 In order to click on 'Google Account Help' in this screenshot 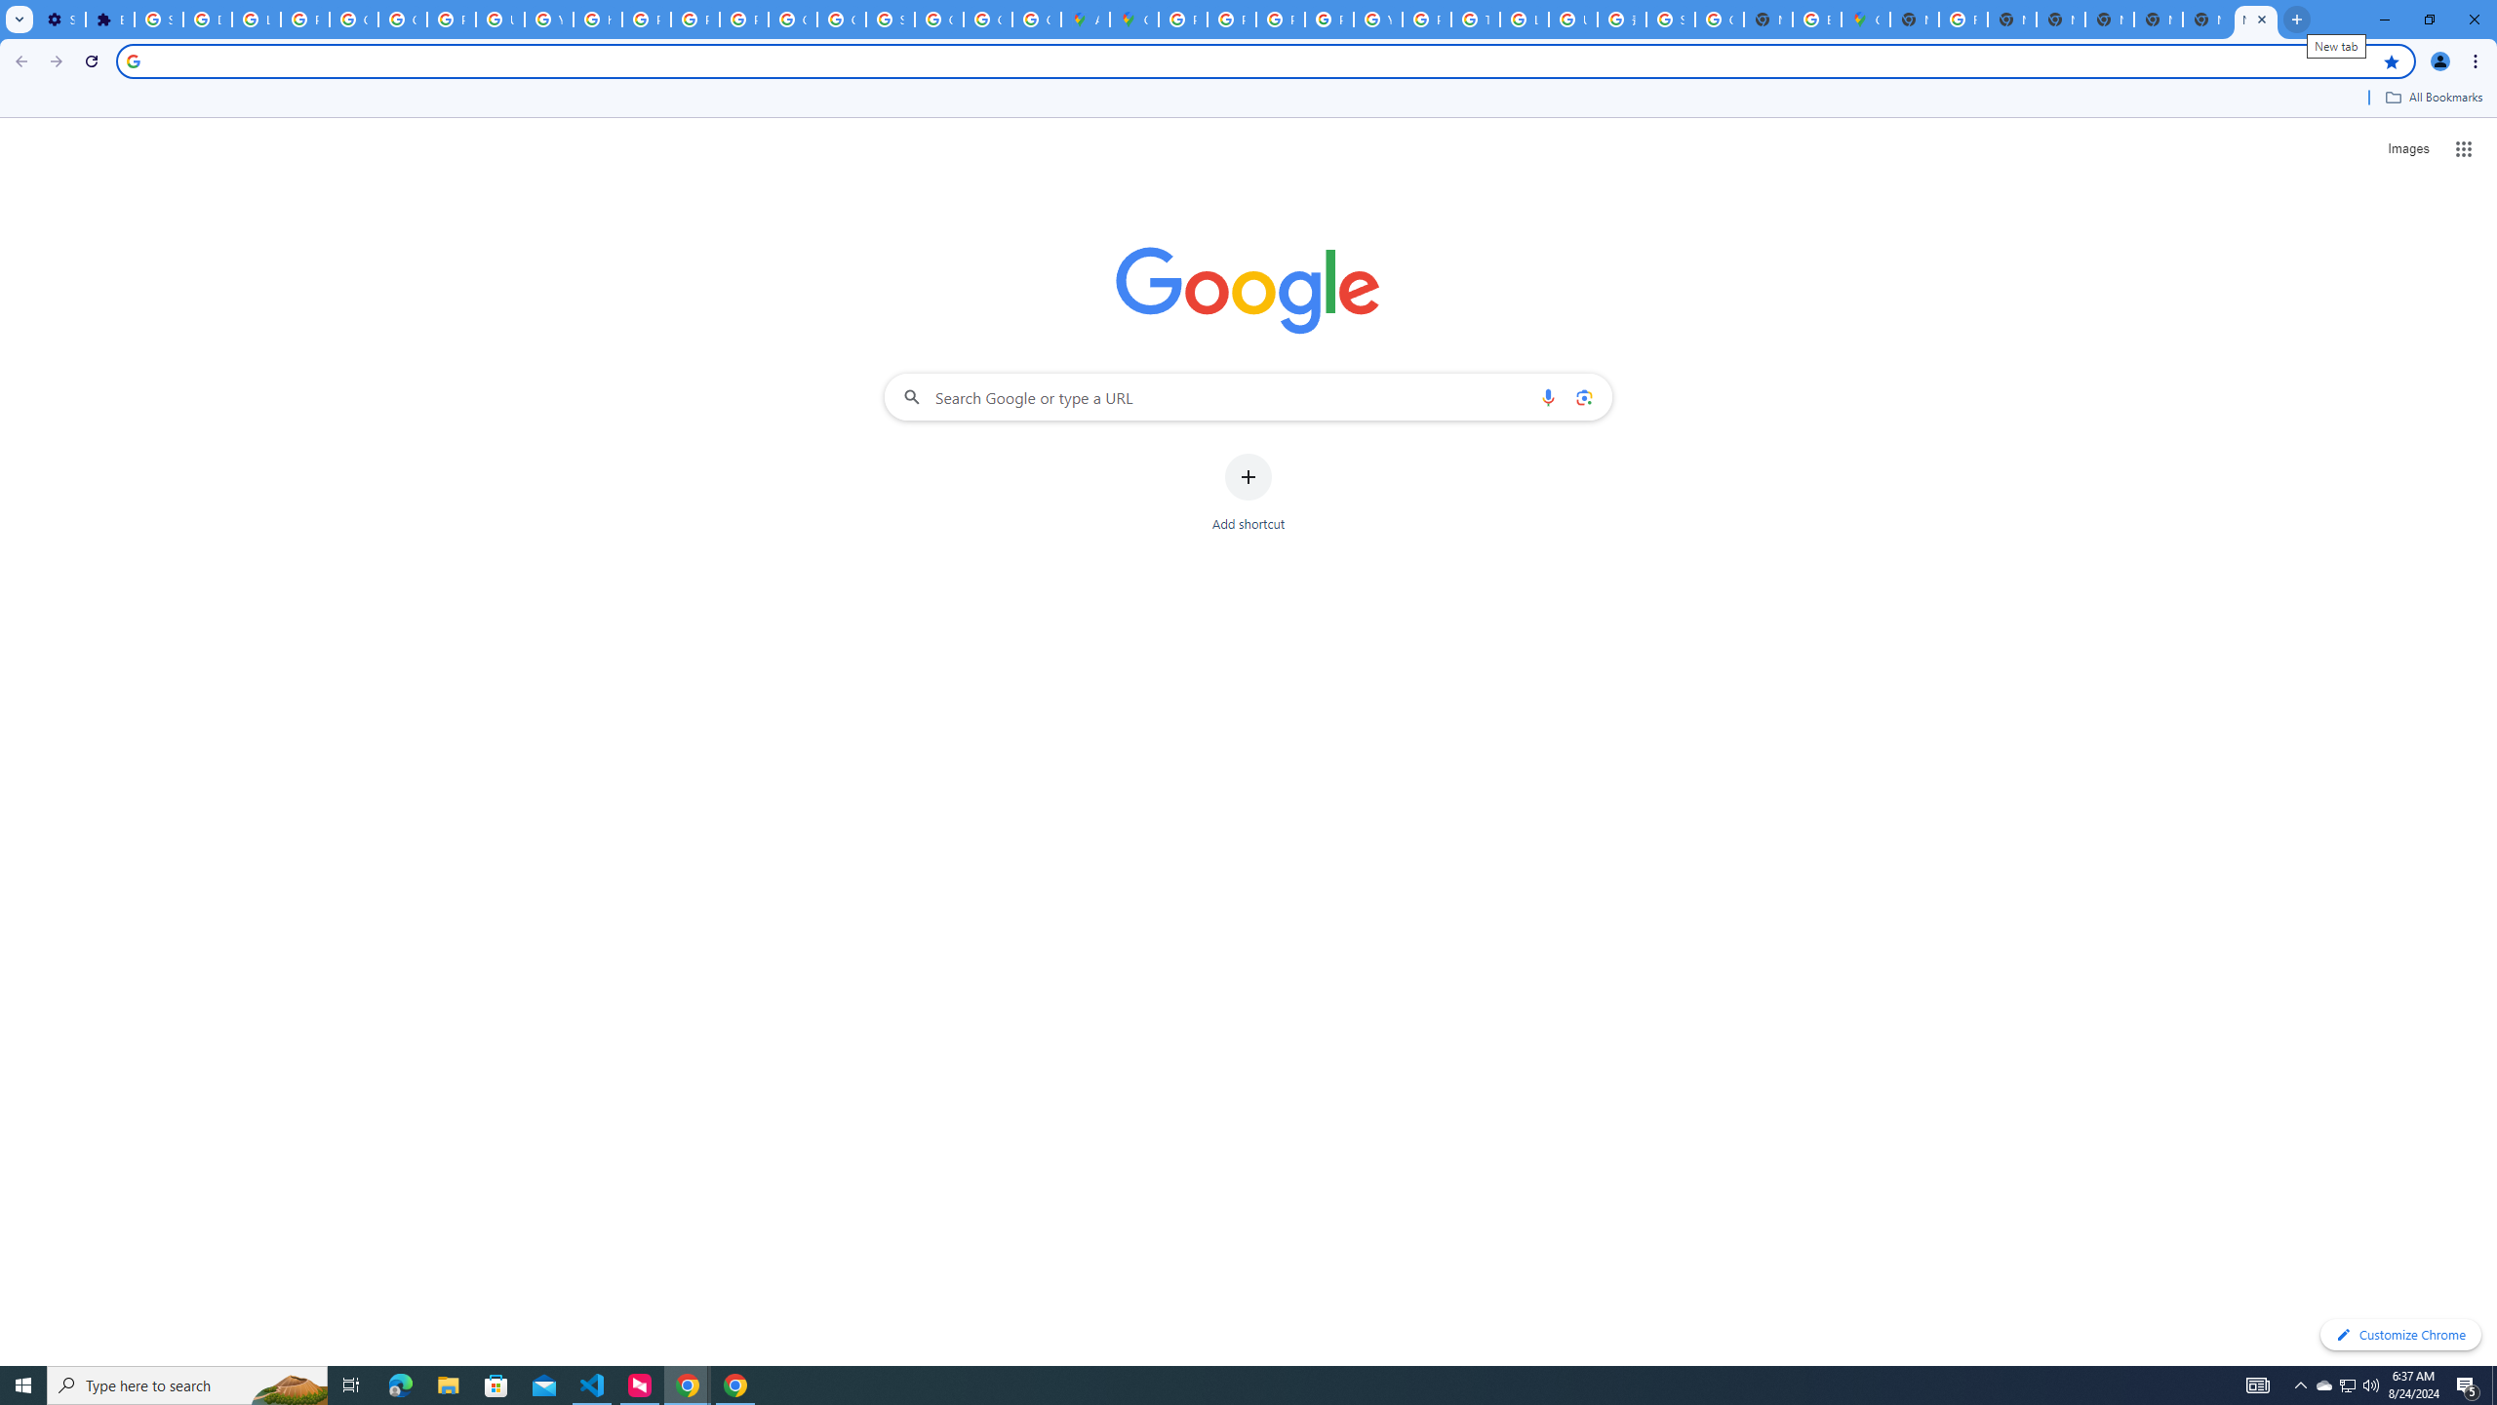, I will do `click(353, 19)`.